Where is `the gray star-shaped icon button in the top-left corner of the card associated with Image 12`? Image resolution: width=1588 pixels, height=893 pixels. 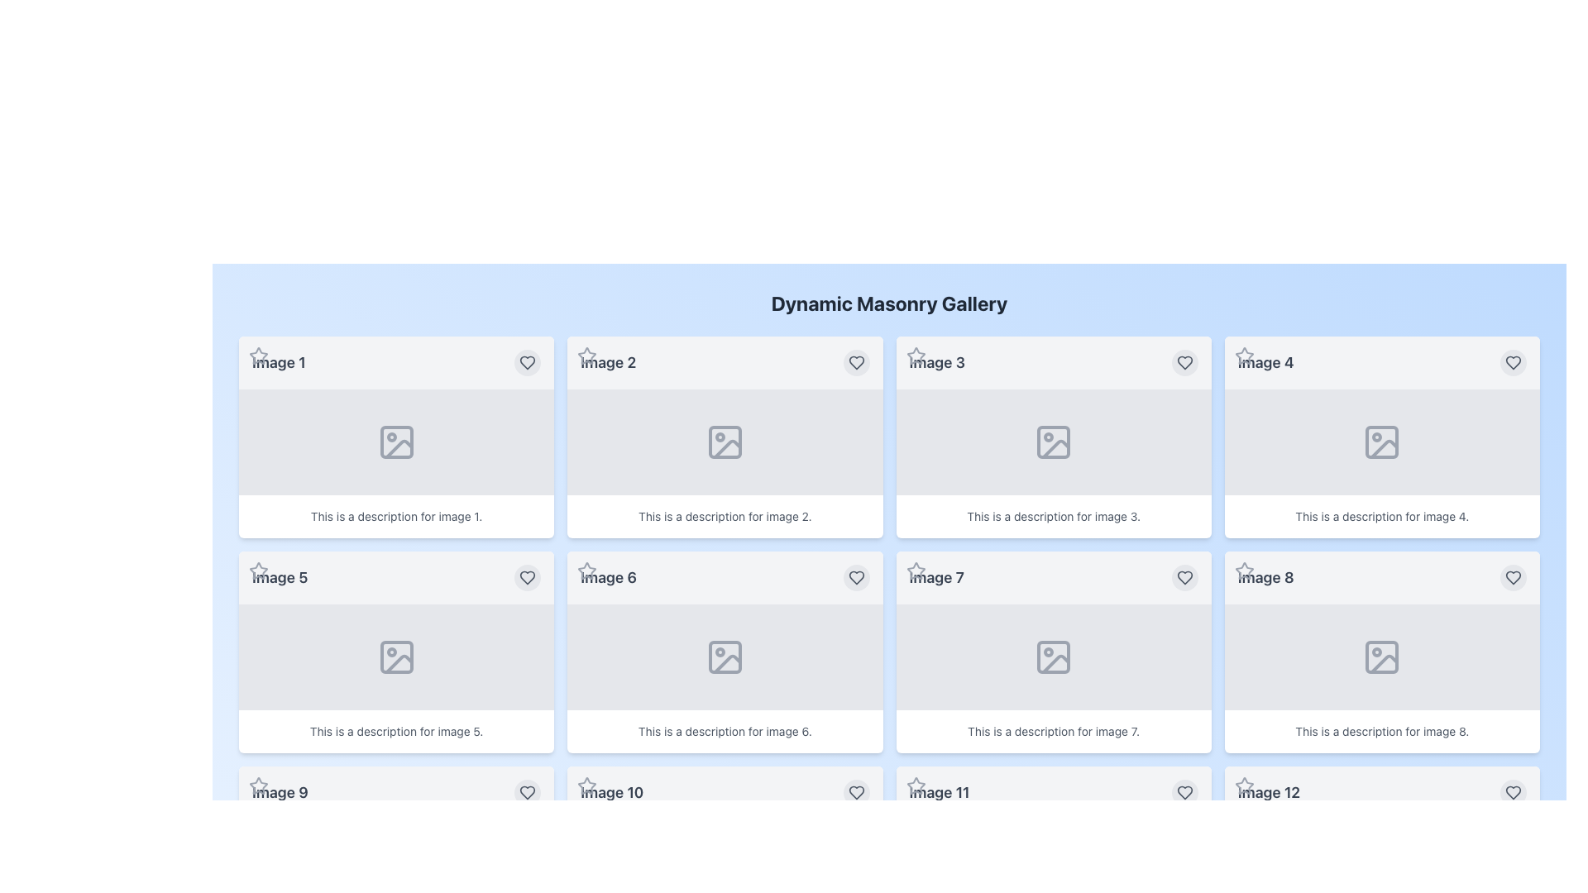 the gray star-shaped icon button in the top-left corner of the card associated with Image 12 is located at coordinates (1244, 786).